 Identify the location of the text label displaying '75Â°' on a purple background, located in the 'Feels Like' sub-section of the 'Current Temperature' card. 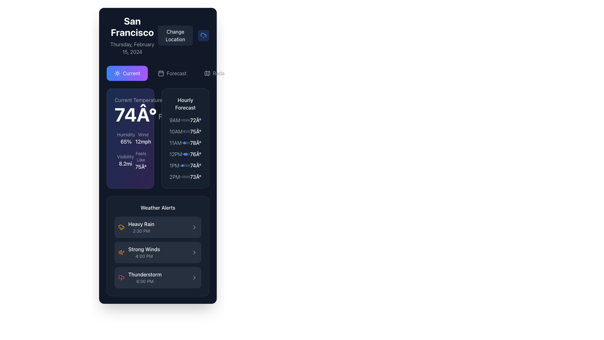
(141, 166).